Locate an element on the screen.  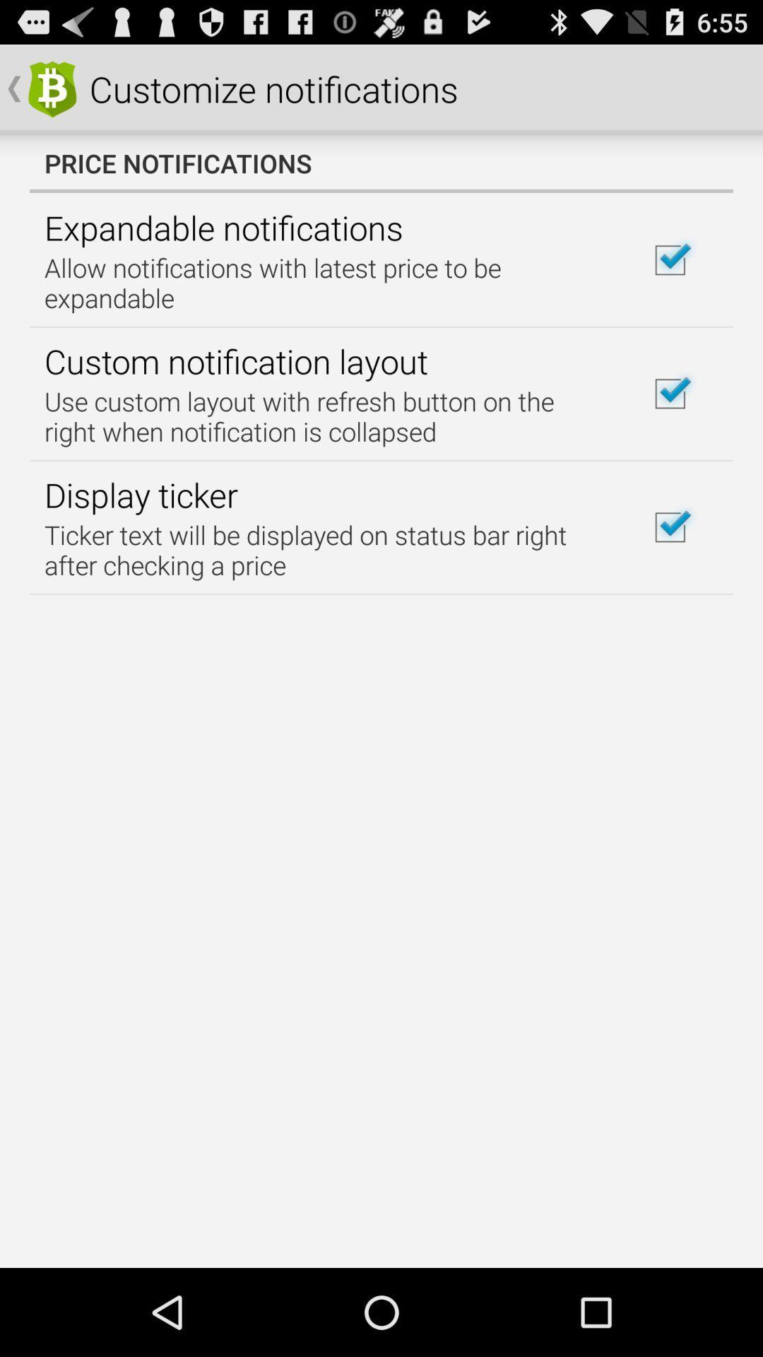
the app below expandable notifications icon is located at coordinates (327, 283).